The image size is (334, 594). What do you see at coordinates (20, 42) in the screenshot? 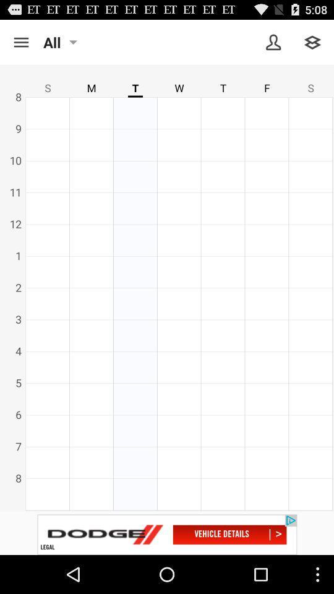
I see `open menu` at bounding box center [20, 42].